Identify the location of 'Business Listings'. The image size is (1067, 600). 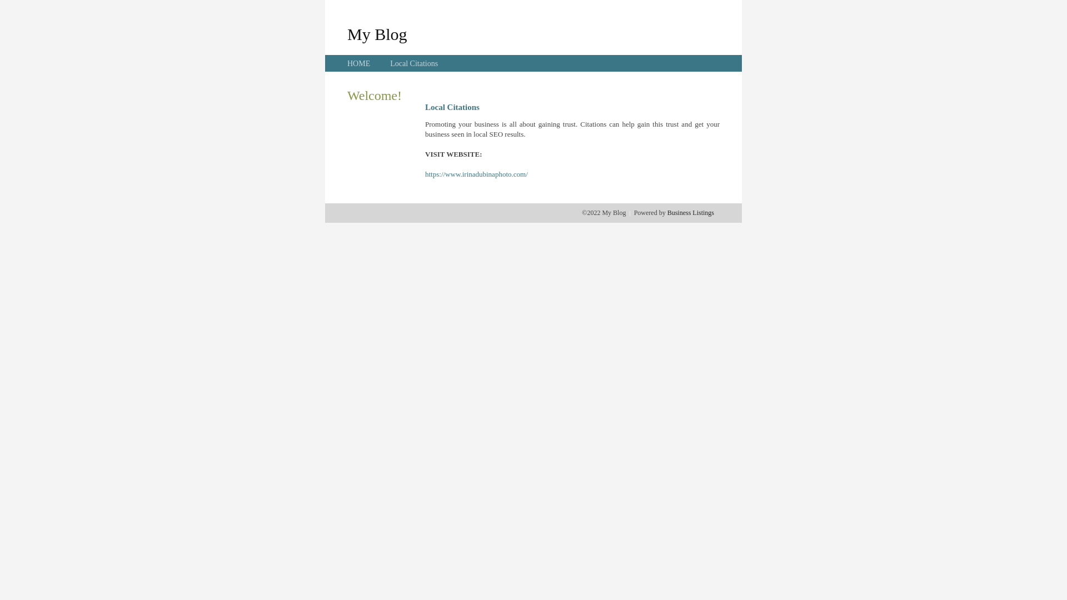
(690, 212).